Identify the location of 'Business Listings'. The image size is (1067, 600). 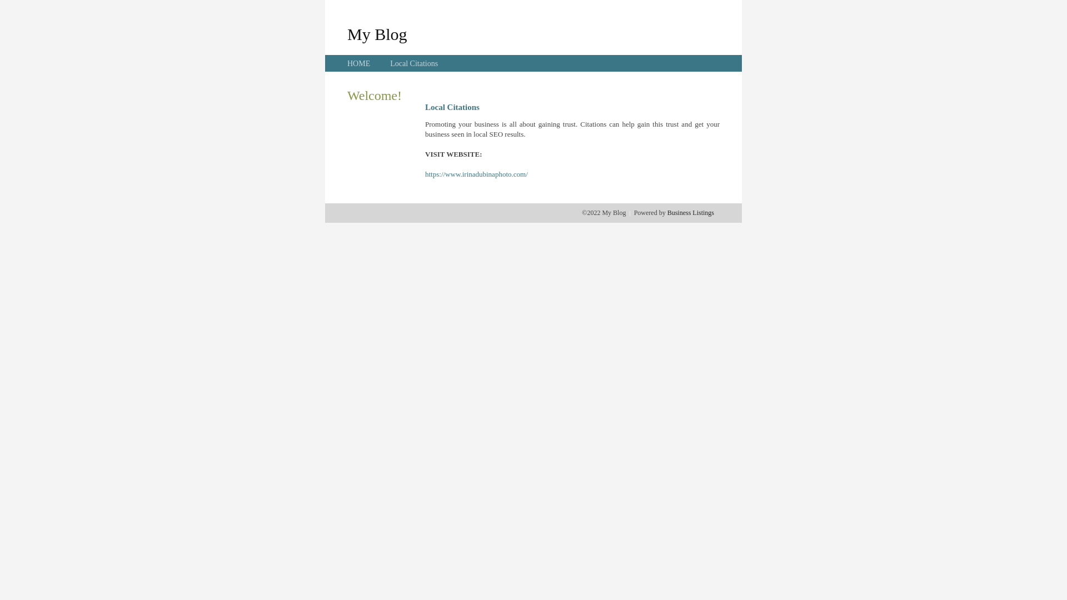
(690, 212).